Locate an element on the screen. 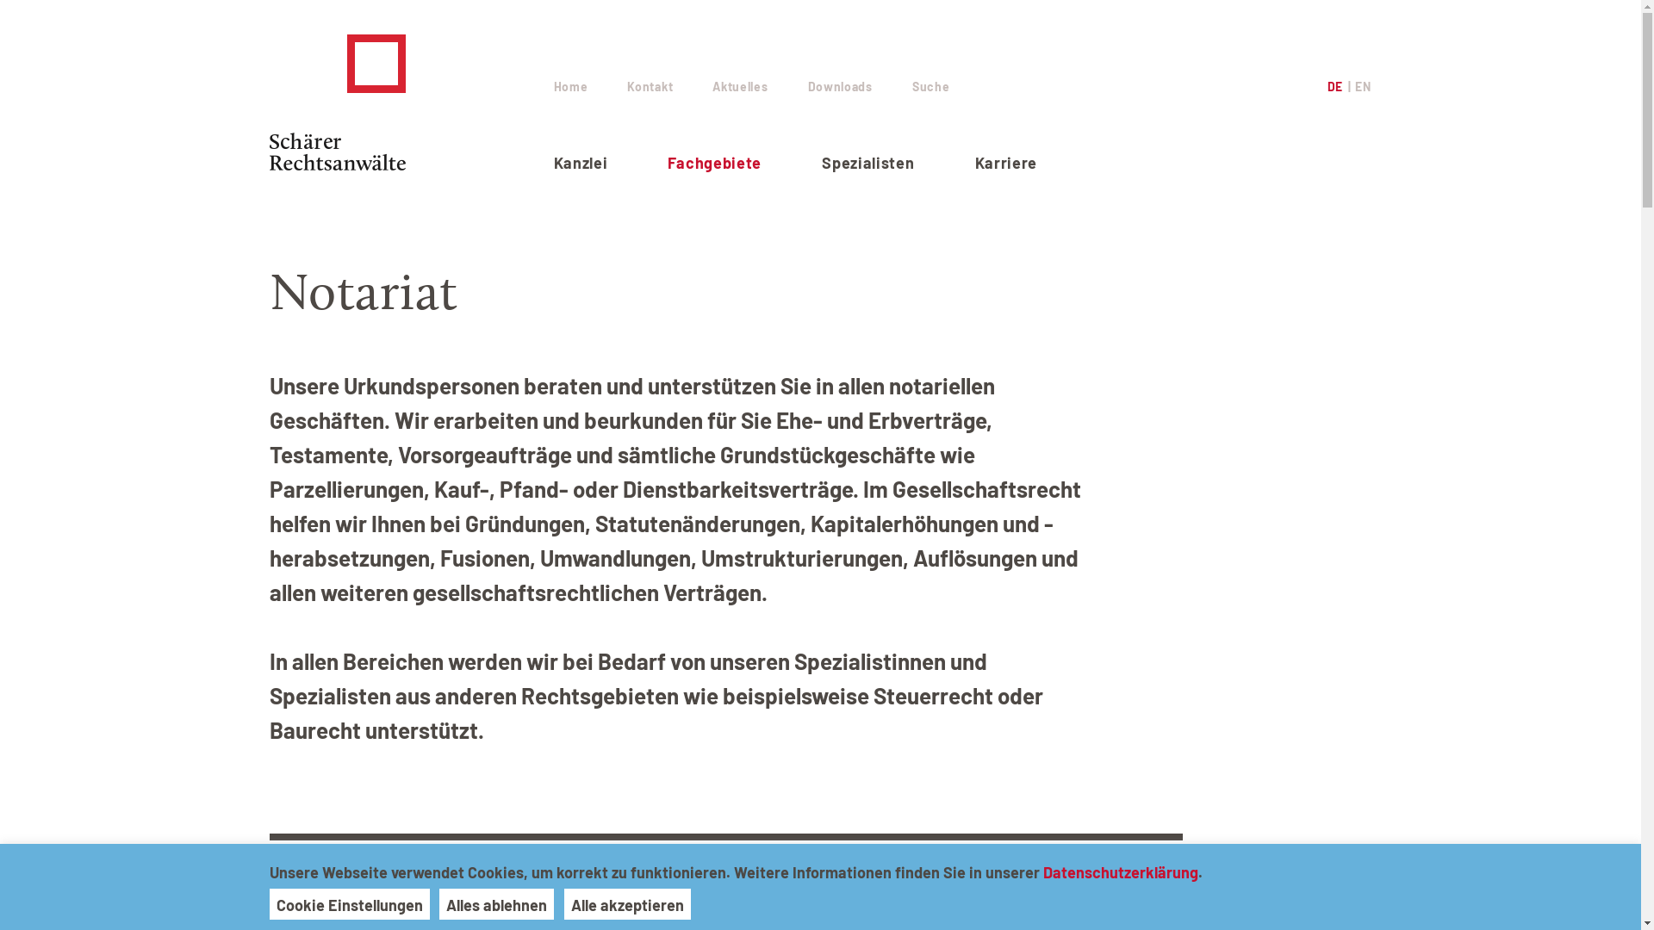  'Downloads' is located at coordinates (840, 86).